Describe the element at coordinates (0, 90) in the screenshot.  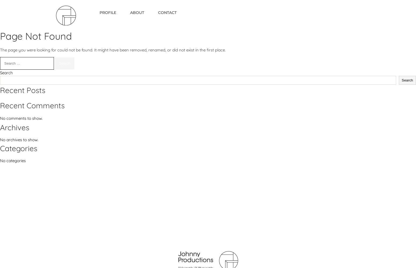
I see `'Recent Posts'` at that location.